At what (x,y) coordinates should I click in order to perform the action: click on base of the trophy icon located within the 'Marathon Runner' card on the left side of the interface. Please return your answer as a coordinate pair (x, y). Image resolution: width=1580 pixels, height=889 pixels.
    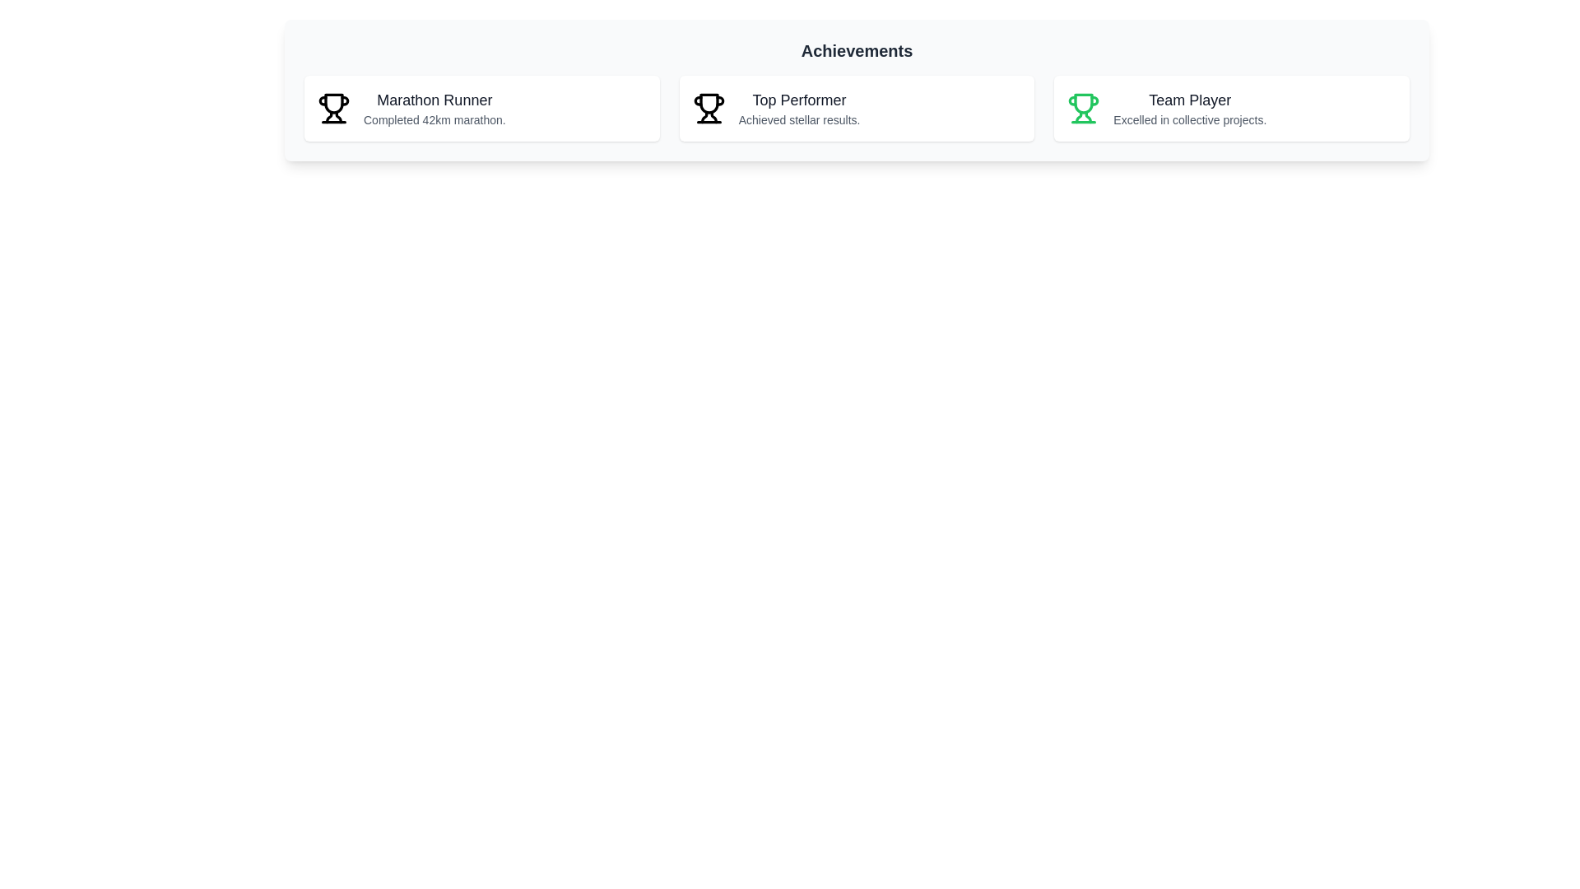
    Looking at the image, I should click on (337, 116).